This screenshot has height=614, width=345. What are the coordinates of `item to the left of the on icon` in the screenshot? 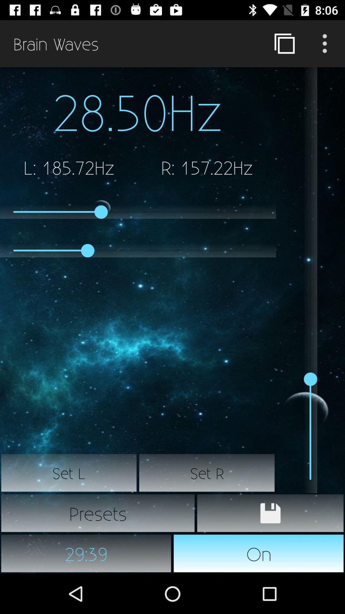 It's located at (86, 553).